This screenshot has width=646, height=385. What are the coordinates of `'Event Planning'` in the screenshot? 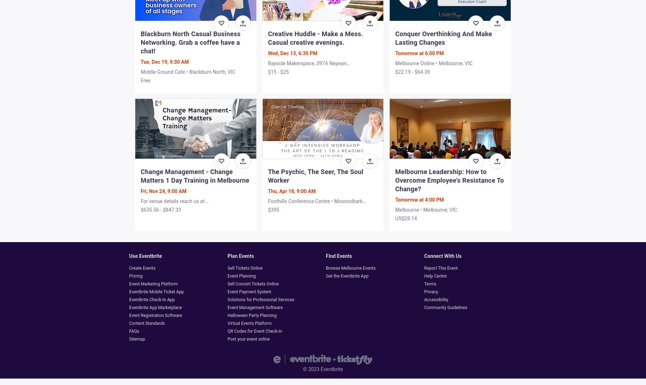 It's located at (242, 276).